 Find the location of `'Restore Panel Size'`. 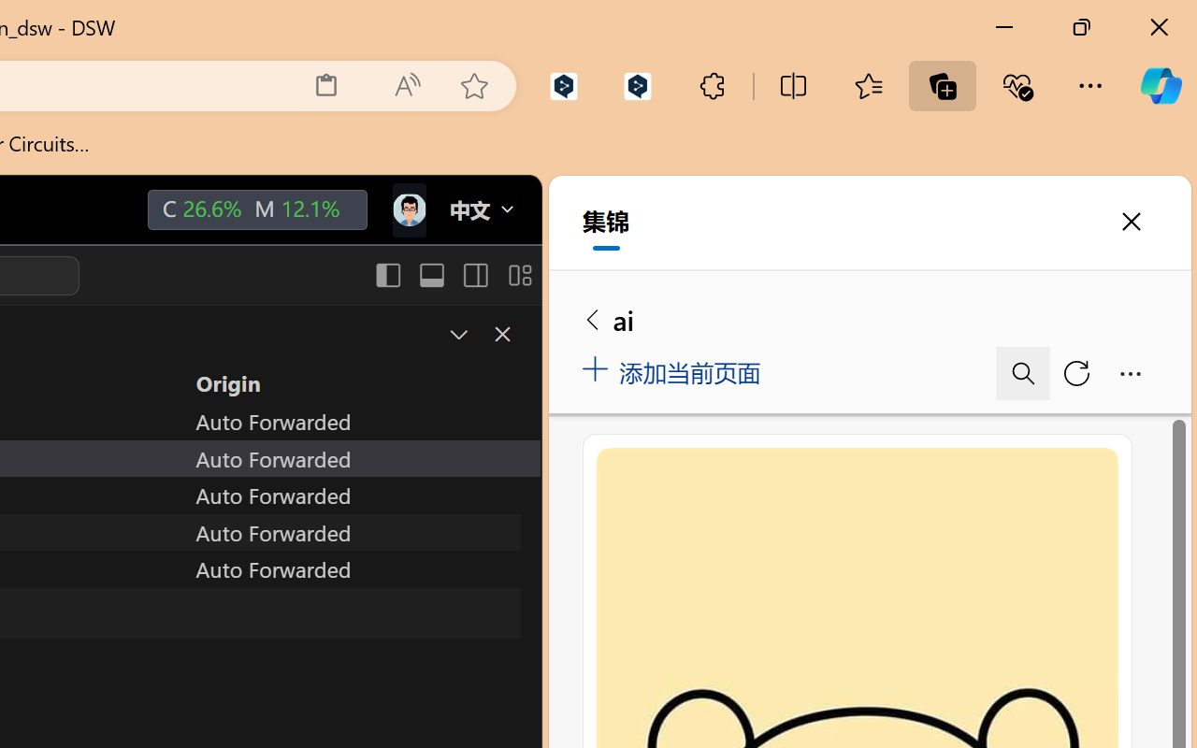

'Restore Panel Size' is located at coordinates (456, 334).